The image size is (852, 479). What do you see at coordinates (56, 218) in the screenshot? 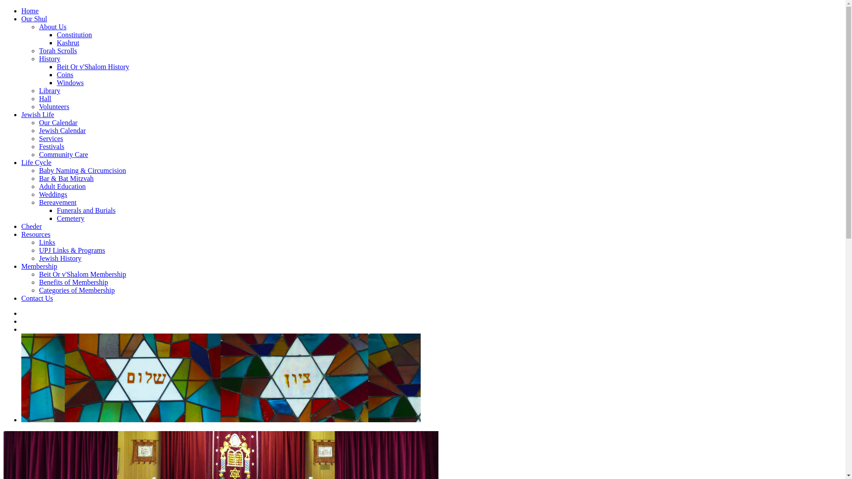
I see `'Cemetery'` at bounding box center [56, 218].